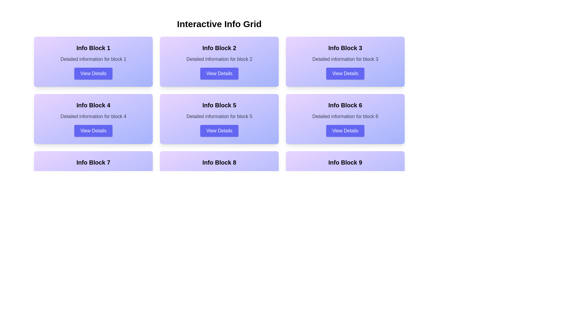 Image resolution: width=573 pixels, height=322 pixels. I want to click on the button located under the text 'Detailed information for block 1' within 'Info Block 1', so click(93, 73).